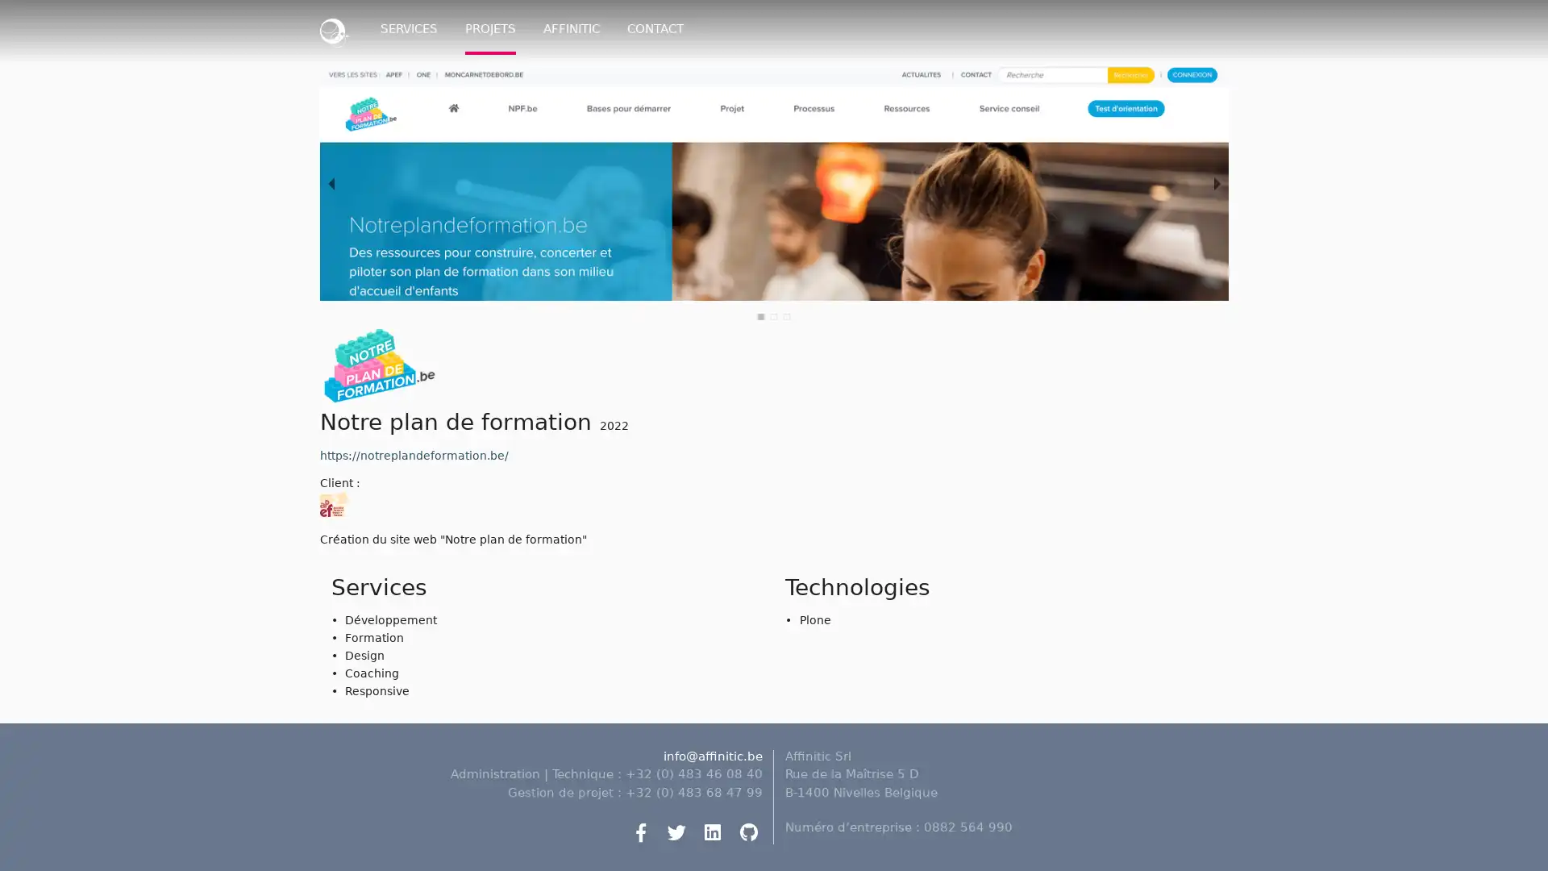  What do you see at coordinates (786, 416) in the screenshot?
I see `slide item 3` at bounding box center [786, 416].